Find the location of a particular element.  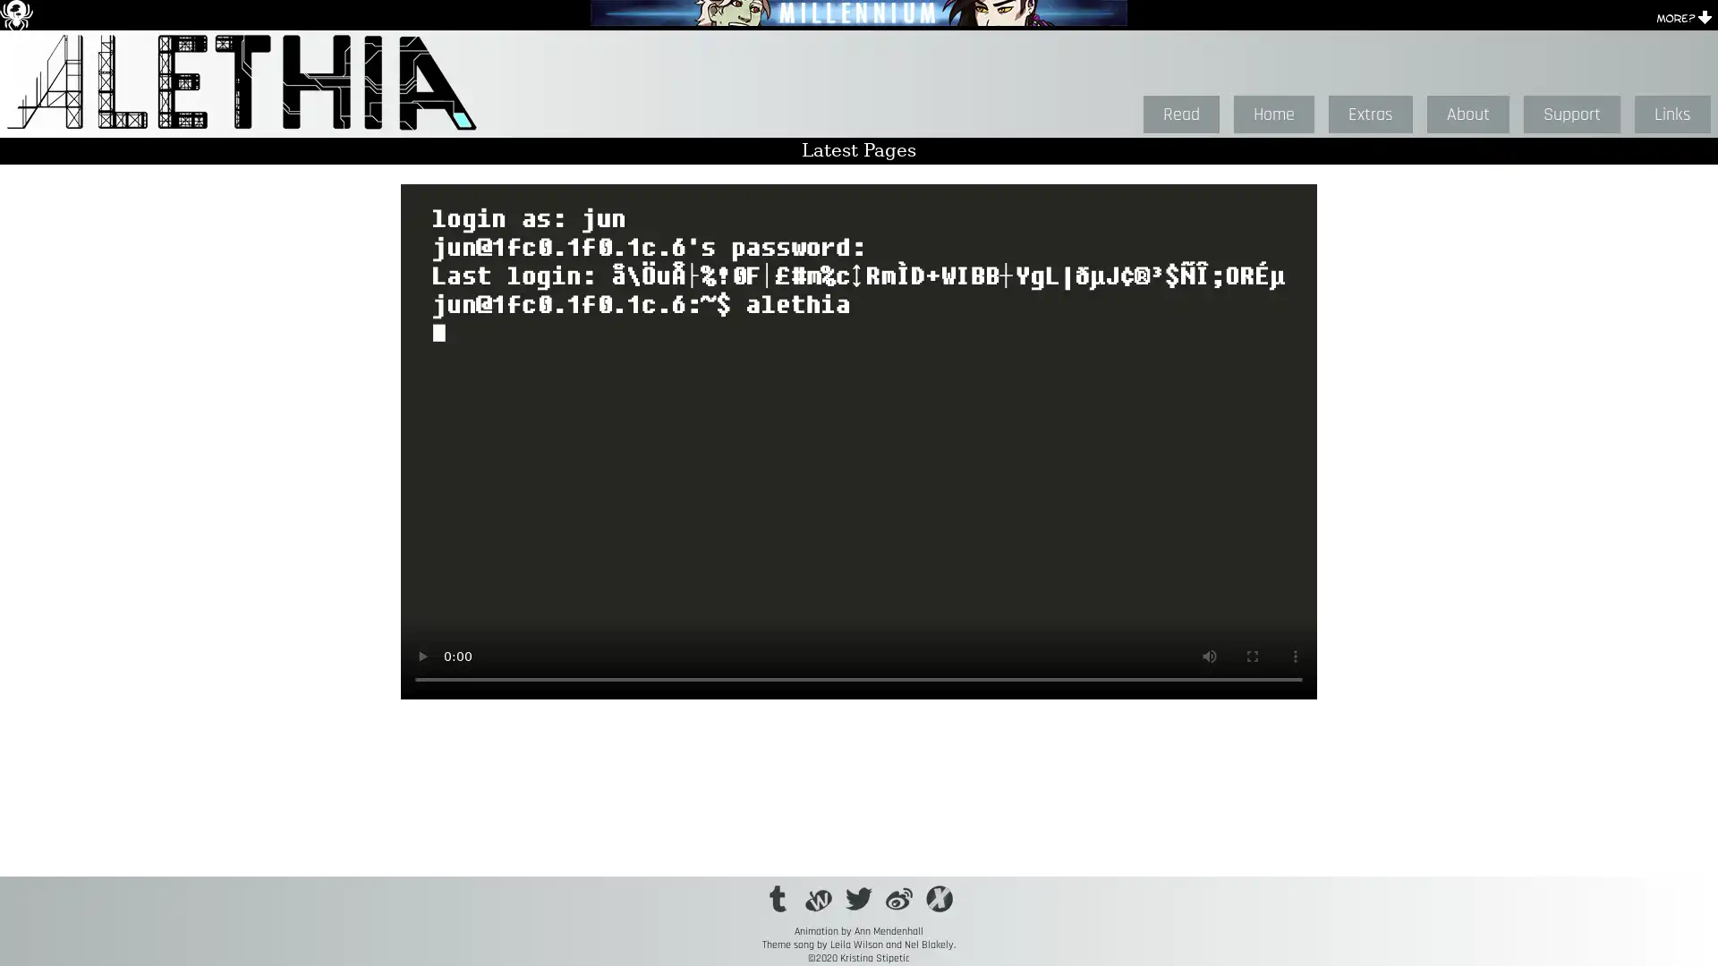

mute is located at coordinates (1210, 656).